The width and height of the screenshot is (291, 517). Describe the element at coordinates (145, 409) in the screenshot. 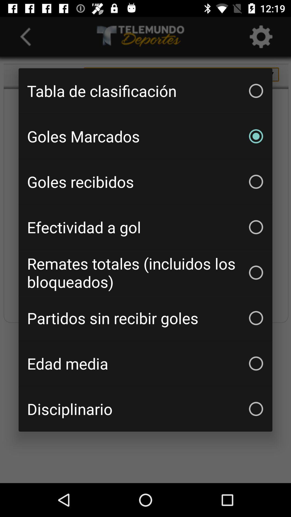

I see `disciplinario icon` at that location.